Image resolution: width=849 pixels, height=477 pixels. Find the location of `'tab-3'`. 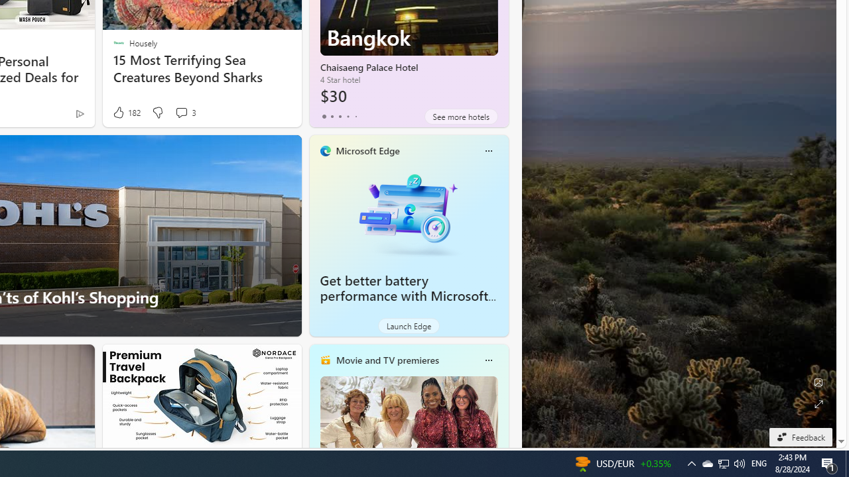

'tab-3' is located at coordinates (348, 116).